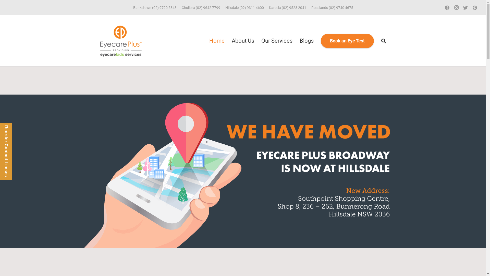  Describe the element at coordinates (442, 8) in the screenshot. I see `'Facebook'` at that location.